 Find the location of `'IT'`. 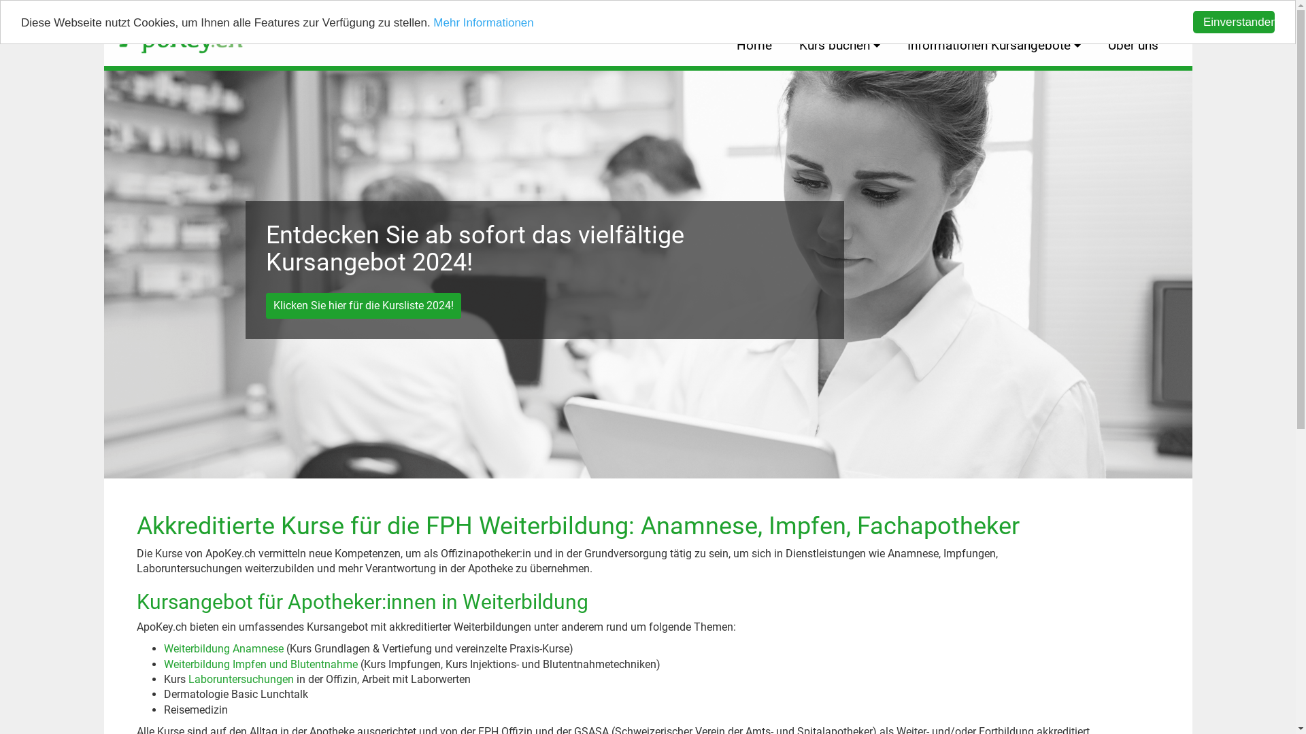

'IT' is located at coordinates (1158, 12).